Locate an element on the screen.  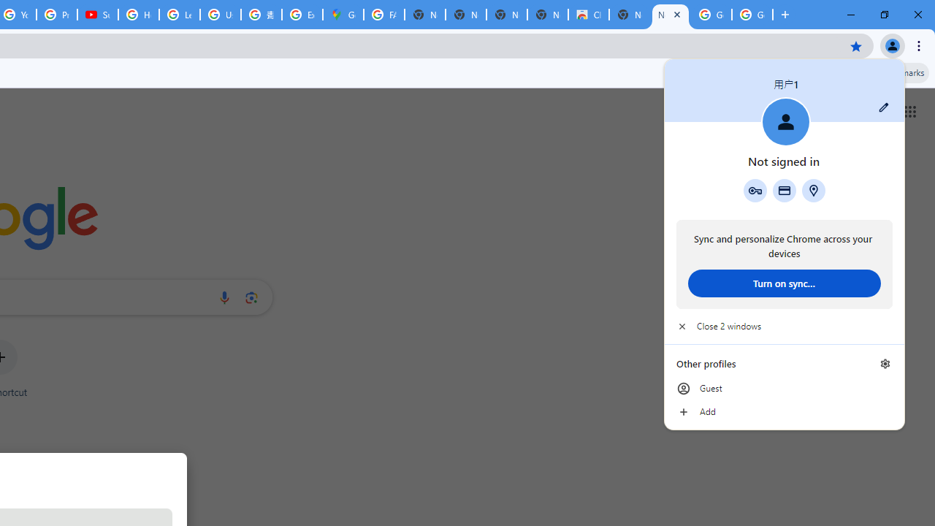
'Google Maps' is located at coordinates (342, 15).